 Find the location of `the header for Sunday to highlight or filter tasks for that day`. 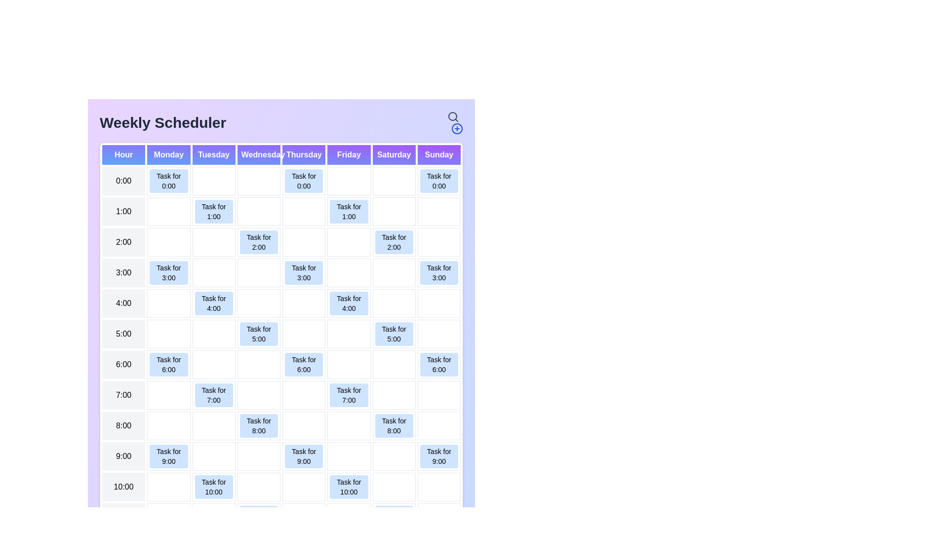

the header for Sunday to highlight or filter tasks for that day is located at coordinates (438, 154).